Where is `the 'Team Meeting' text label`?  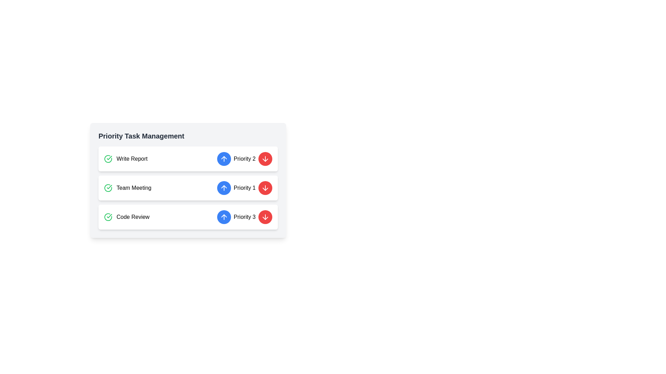
the 'Team Meeting' text label is located at coordinates (128, 188).